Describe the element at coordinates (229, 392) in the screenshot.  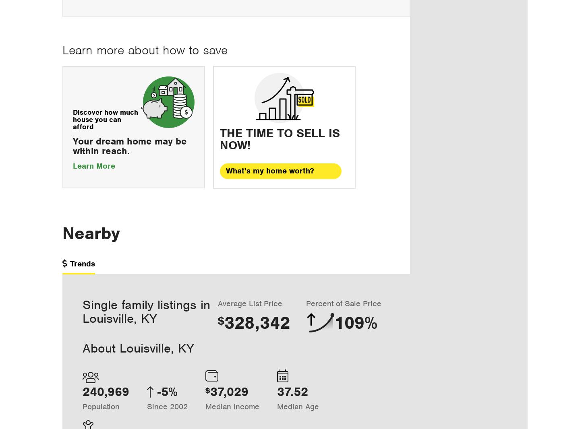
I see `'37,029'` at that location.